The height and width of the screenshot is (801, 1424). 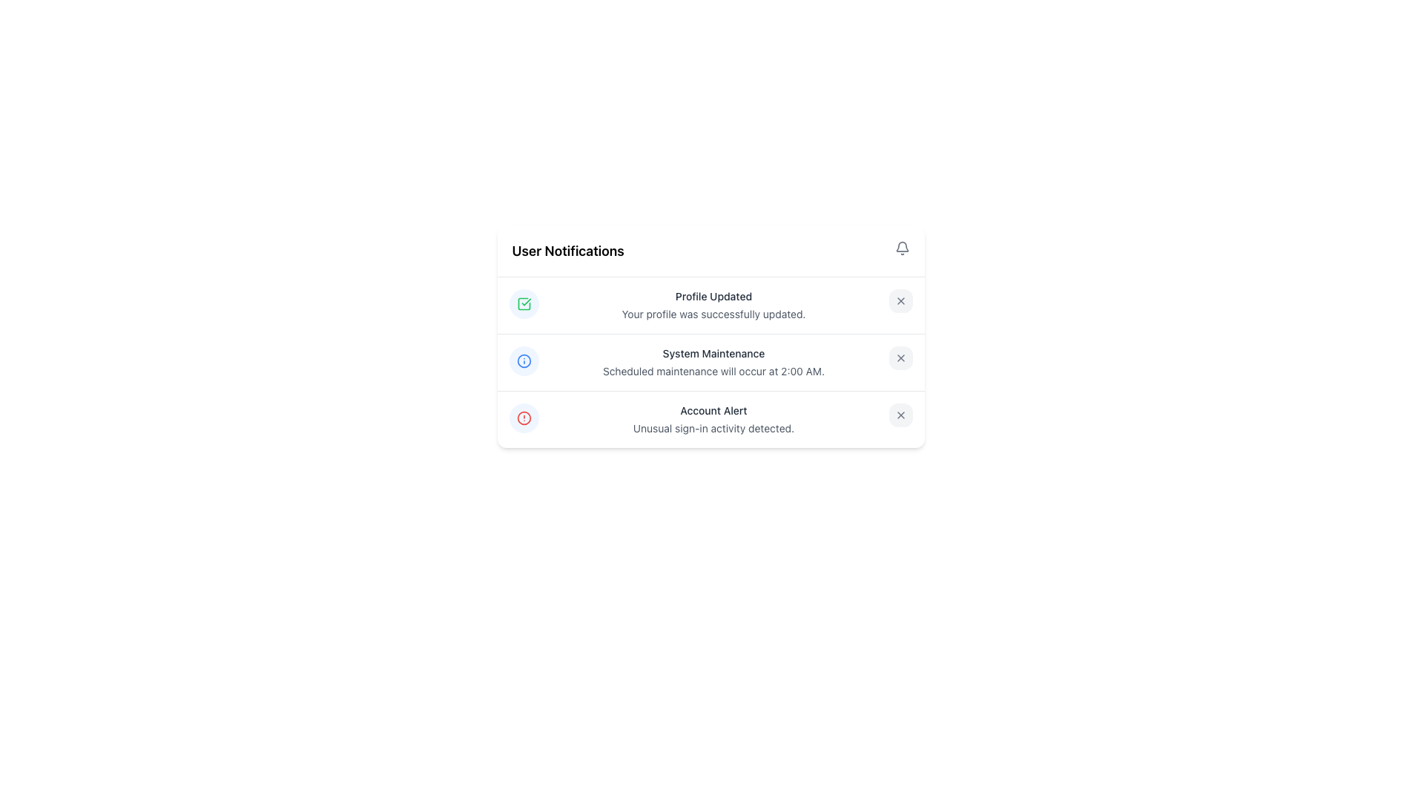 I want to click on the confirmation label that conveys feedback for the successful completion of the profile update action, which is positioned below the 'Profile Updated' text and centrally aligned within the notification card, so click(x=713, y=314).